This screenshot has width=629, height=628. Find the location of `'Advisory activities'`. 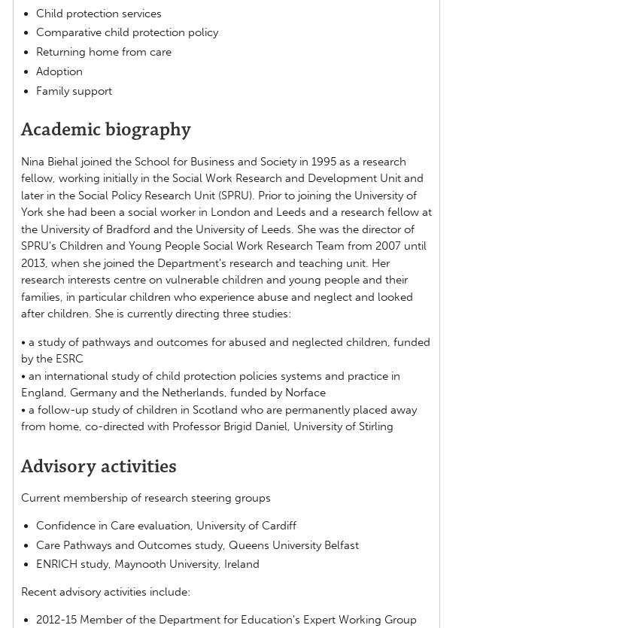

'Advisory activities' is located at coordinates (97, 464).